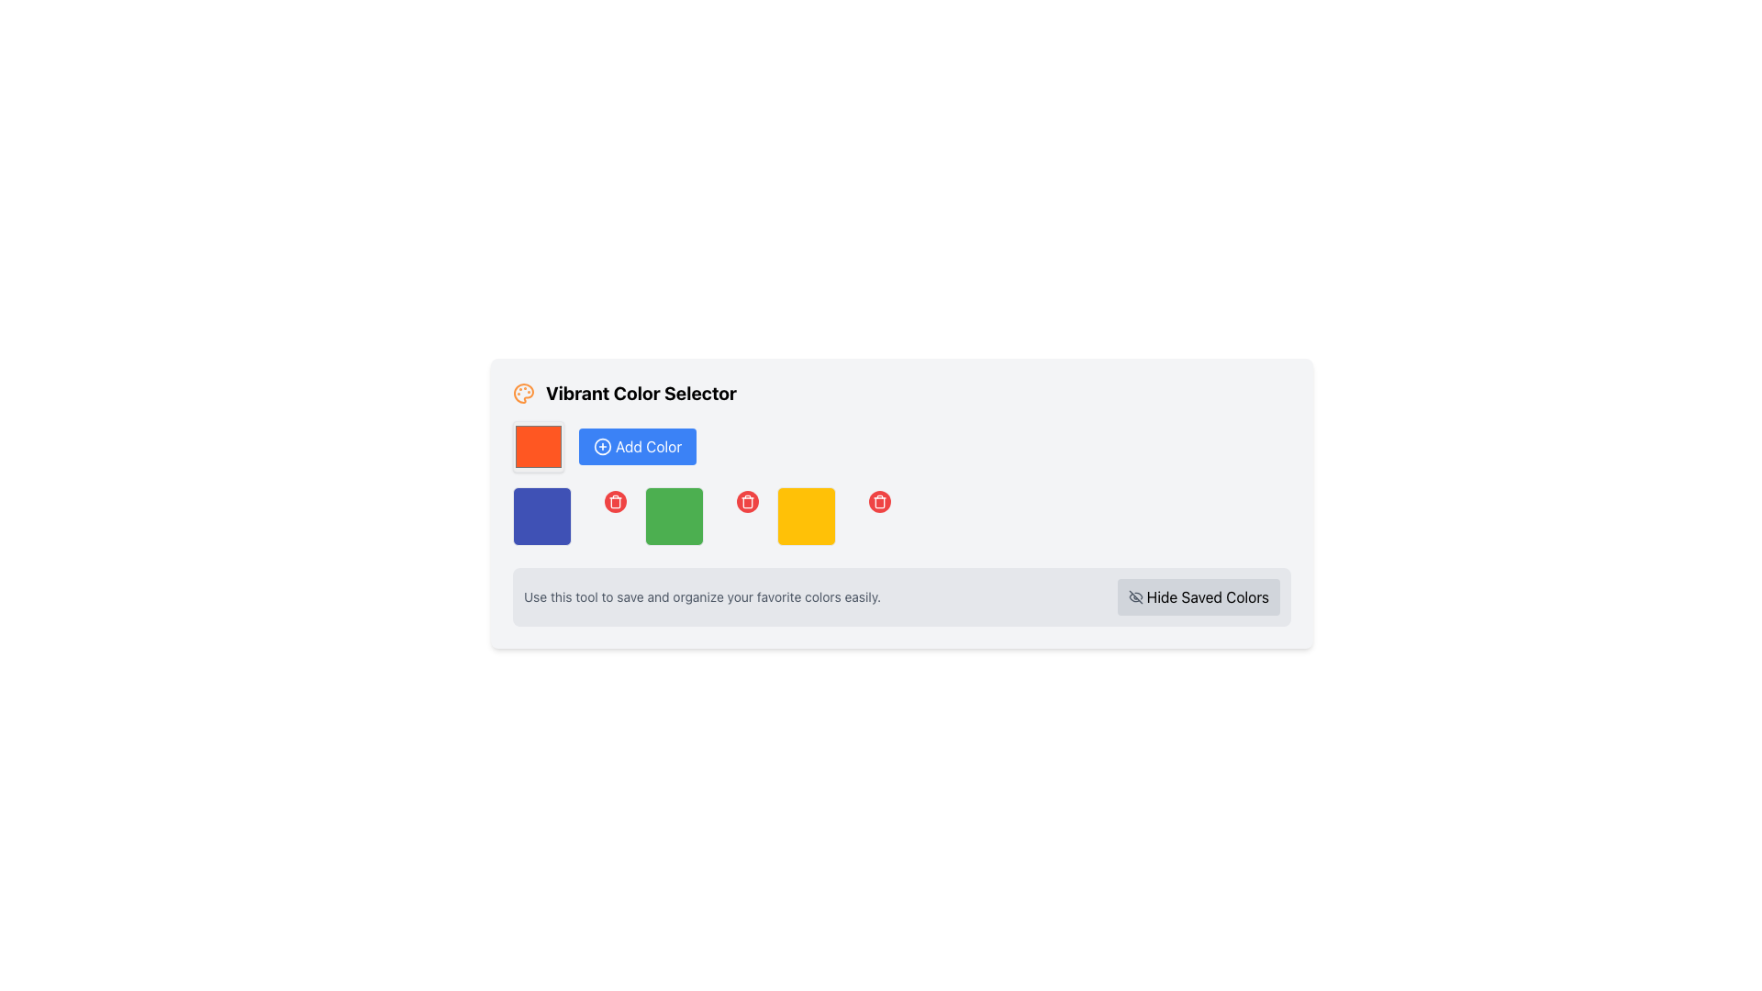 The image size is (1762, 991). What do you see at coordinates (616, 502) in the screenshot?
I see `the delete button located at the top-right of the square color tile in the 'Vibrant Color Selector' section` at bounding box center [616, 502].